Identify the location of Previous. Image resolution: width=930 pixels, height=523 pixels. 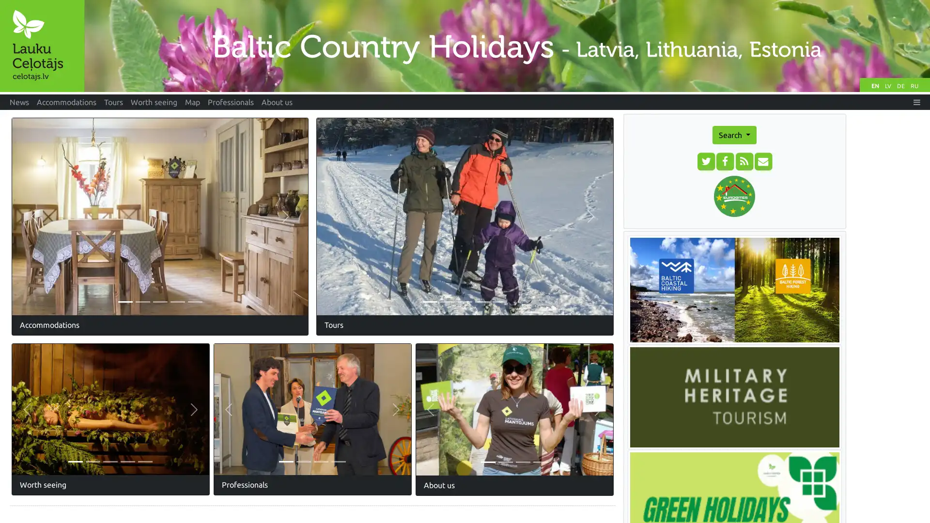
(339, 216).